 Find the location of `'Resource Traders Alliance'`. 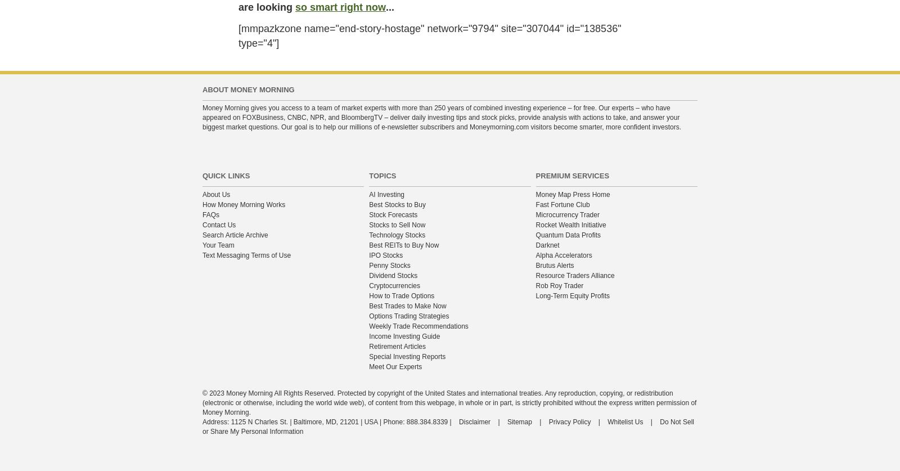

'Resource Traders Alliance' is located at coordinates (574, 275).